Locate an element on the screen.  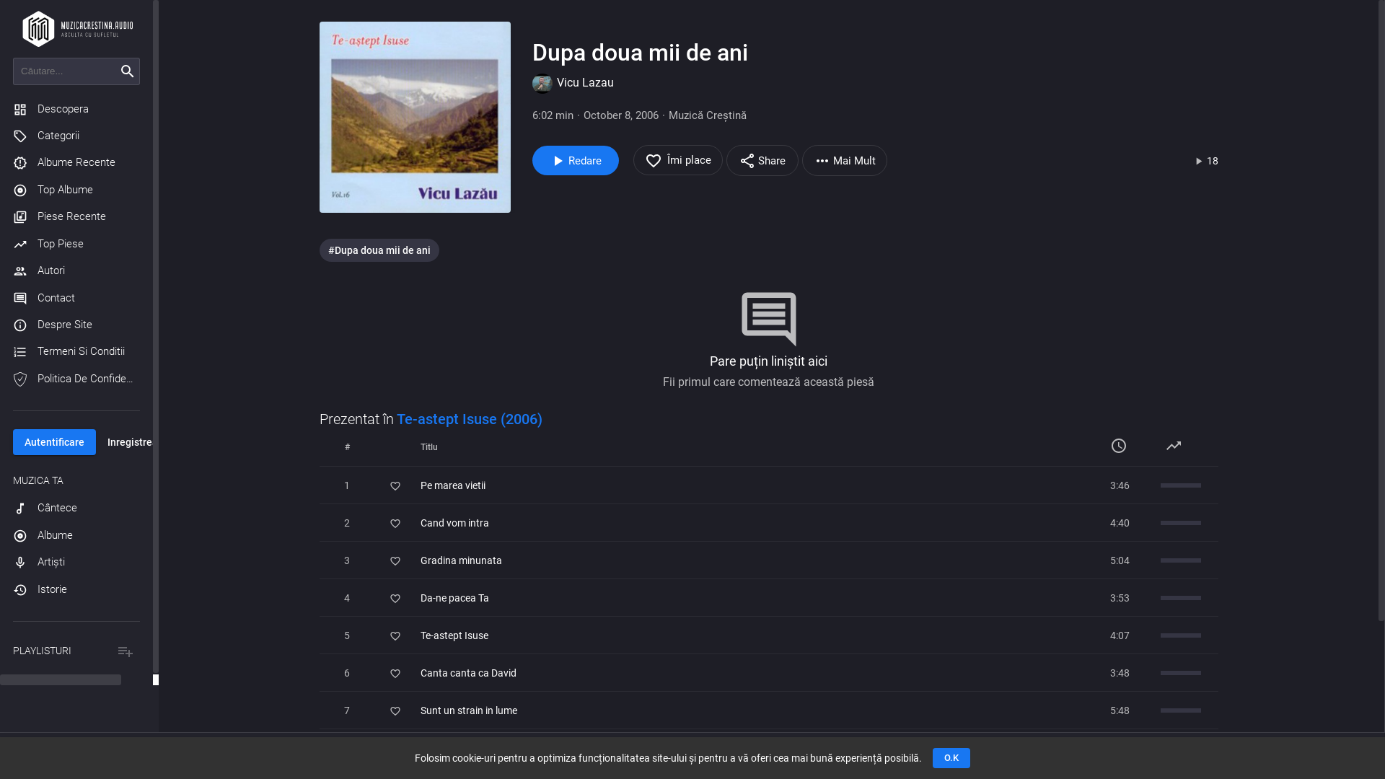
'O.K' is located at coordinates (951, 757).